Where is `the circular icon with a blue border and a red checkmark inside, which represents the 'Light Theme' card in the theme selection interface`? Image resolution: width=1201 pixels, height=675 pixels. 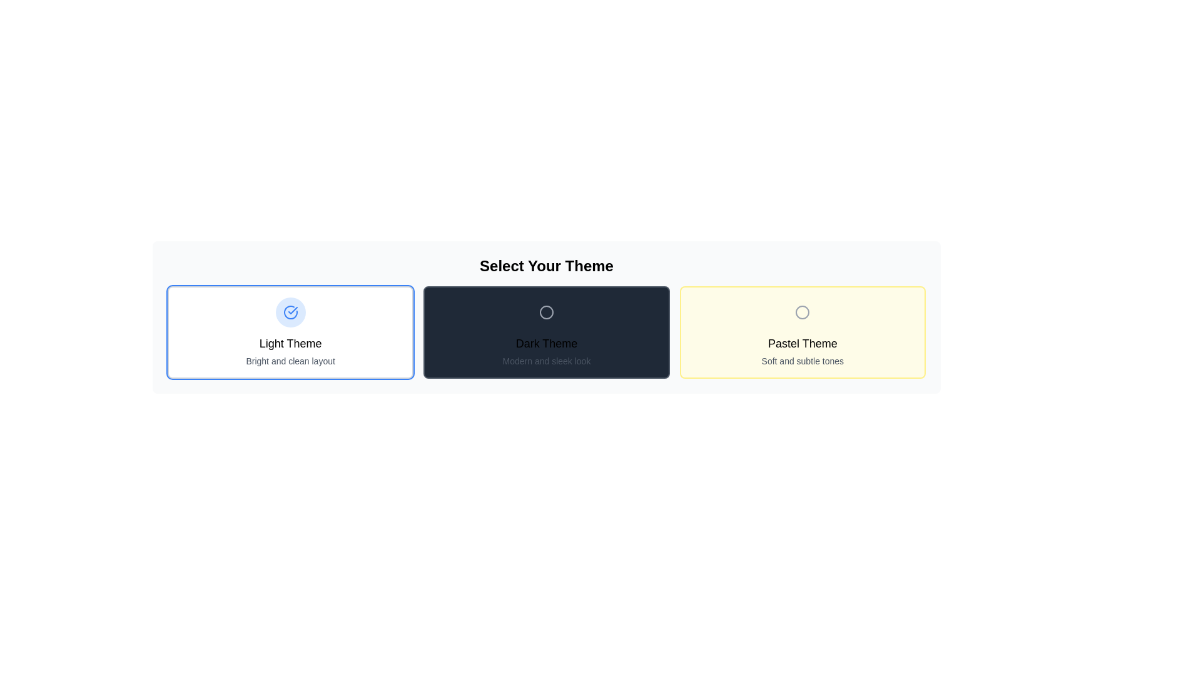 the circular icon with a blue border and a red checkmark inside, which represents the 'Light Theme' card in the theme selection interface is located at coordinates (290, 312).